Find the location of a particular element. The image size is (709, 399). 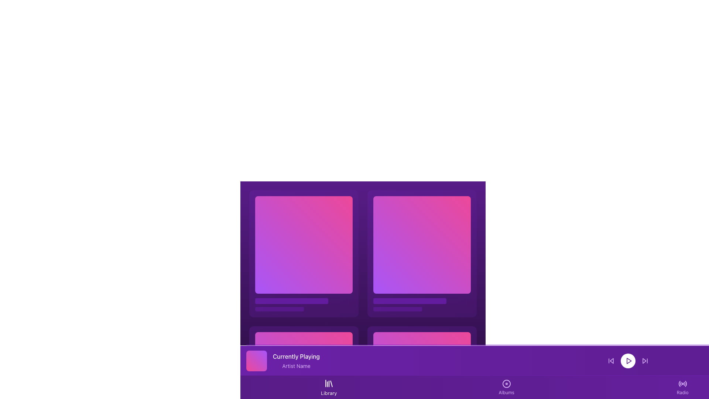

the library section icon located at the bottom-center of the interface, above the text label 'Library' is located at coordinates (328, 383).